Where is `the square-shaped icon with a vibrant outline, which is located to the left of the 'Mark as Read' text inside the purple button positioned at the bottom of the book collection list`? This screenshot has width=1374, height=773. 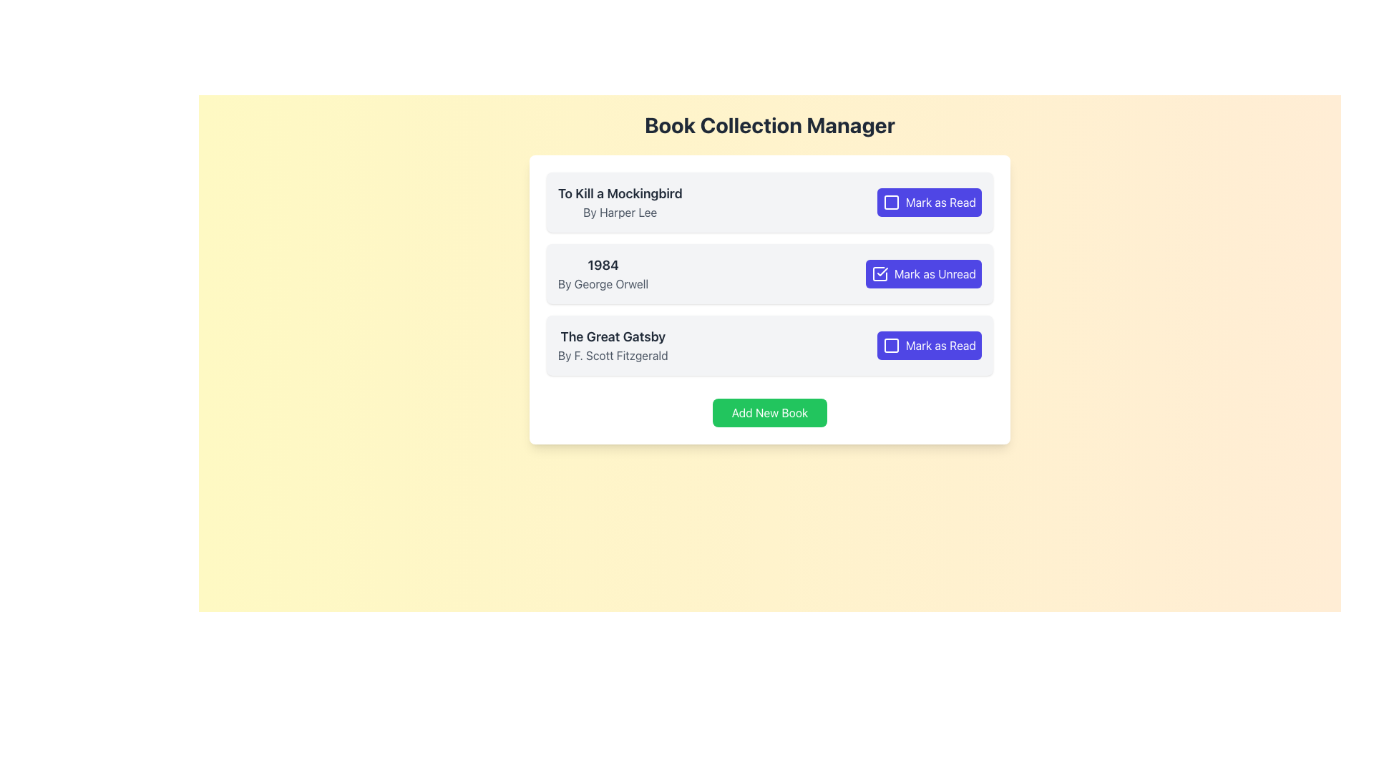 the square-shaped icon with a vibrant outline, which is located to the left of the 'Mark as Read' text inside the purple button positioned at the bottom of the book collection list is located at coordinates (890, 345).